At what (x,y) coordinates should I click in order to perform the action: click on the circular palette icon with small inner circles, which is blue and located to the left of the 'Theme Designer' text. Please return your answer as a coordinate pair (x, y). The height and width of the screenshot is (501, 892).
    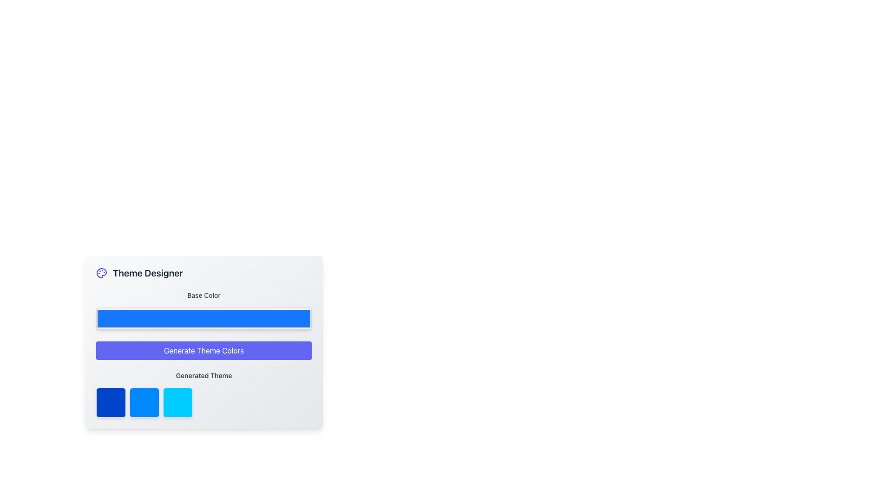
    Looking at the image, I should click on (102, 273).